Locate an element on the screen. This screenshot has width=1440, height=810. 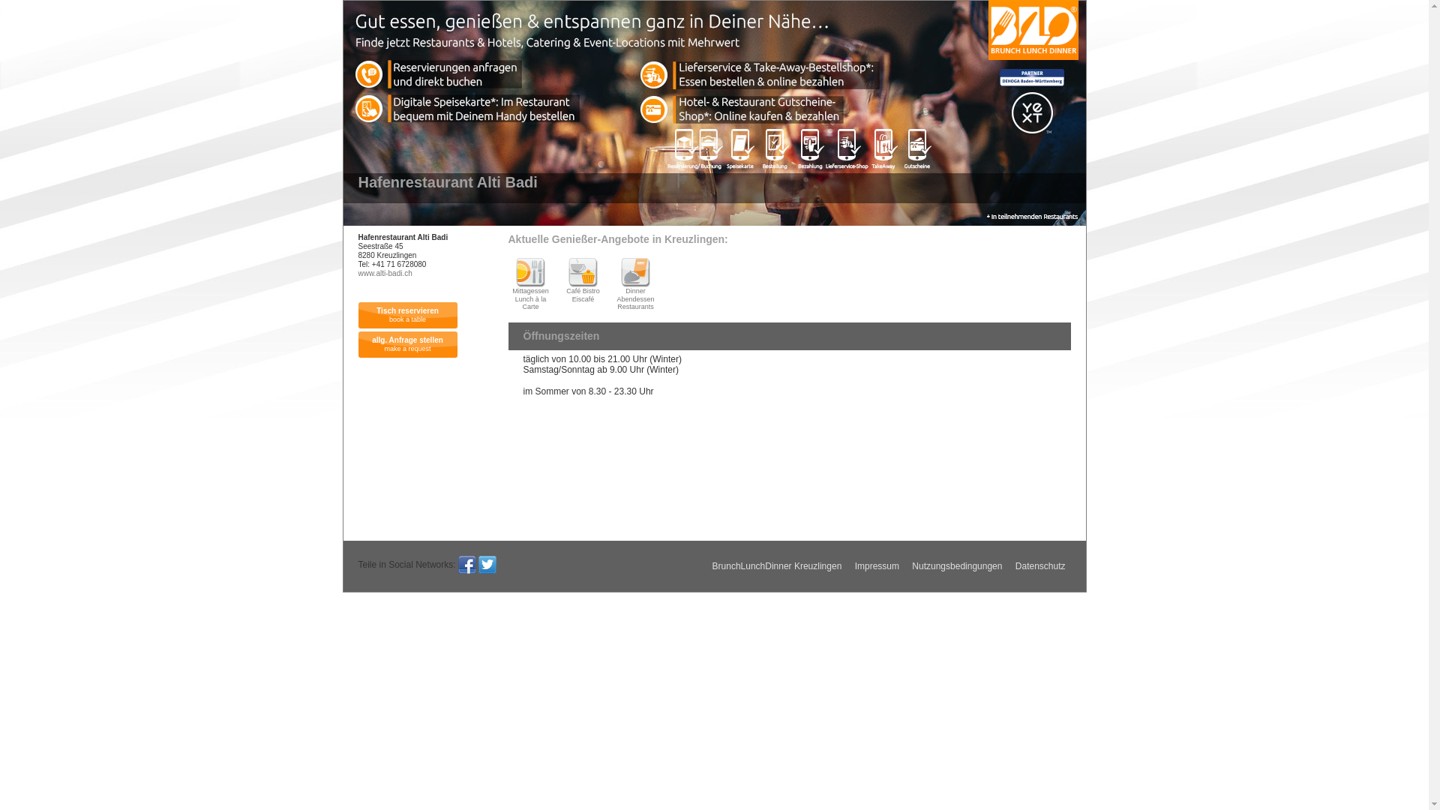
' Dinner Abendessen Restaurants' is located at coordinates (636, 283).